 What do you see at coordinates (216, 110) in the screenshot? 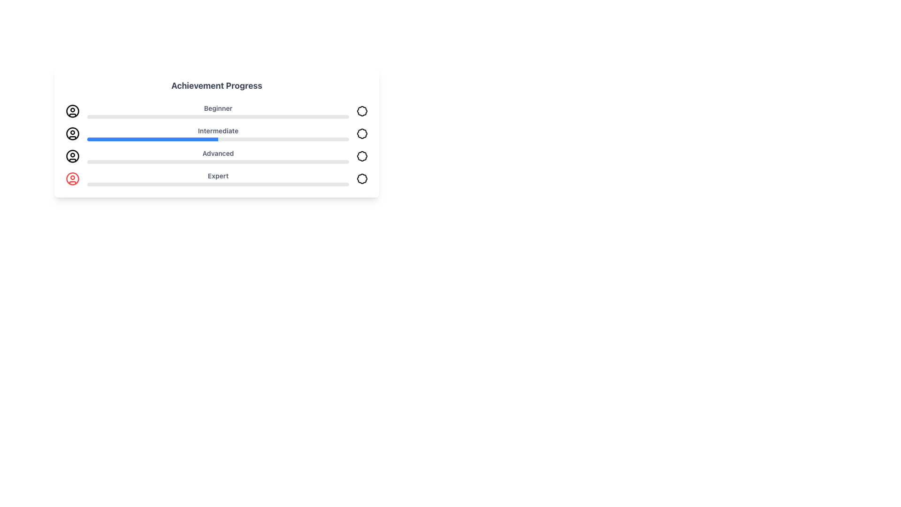
I see `the 'Beginner' Achievement Progress Row, which is the first section in the achievement progress panel` at bounding box center [216, 110].